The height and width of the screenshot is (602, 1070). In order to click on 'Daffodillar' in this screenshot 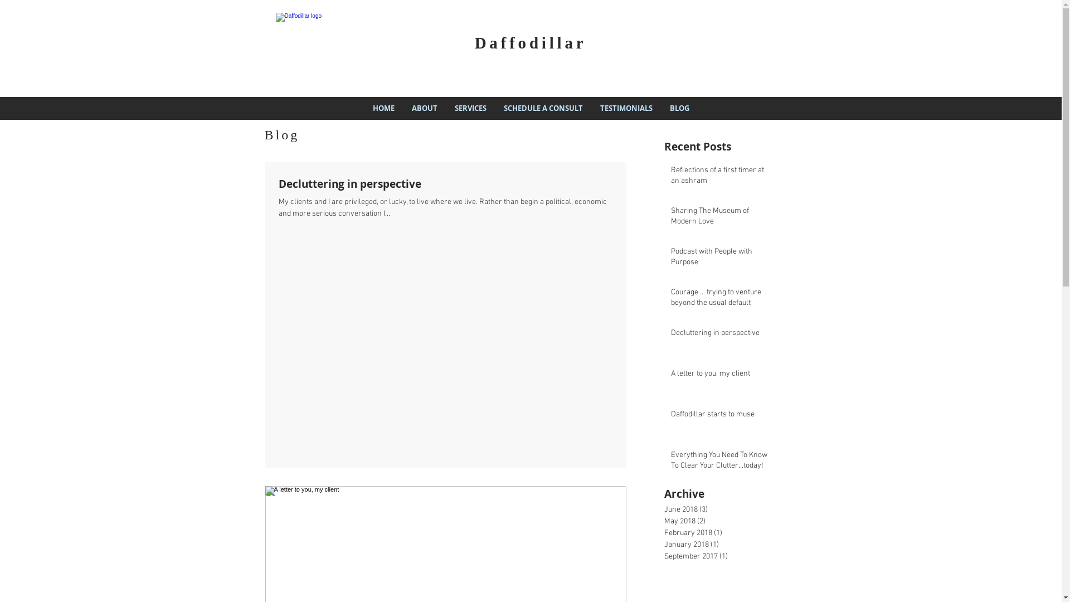, I will do `click(530, 42)`.